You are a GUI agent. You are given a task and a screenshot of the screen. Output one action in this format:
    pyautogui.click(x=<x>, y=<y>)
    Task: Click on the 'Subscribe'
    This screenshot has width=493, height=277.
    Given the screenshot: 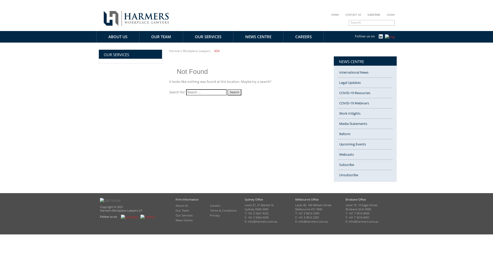 What is the action you would take?
    pyautogui.click(x=365, y=165)
    